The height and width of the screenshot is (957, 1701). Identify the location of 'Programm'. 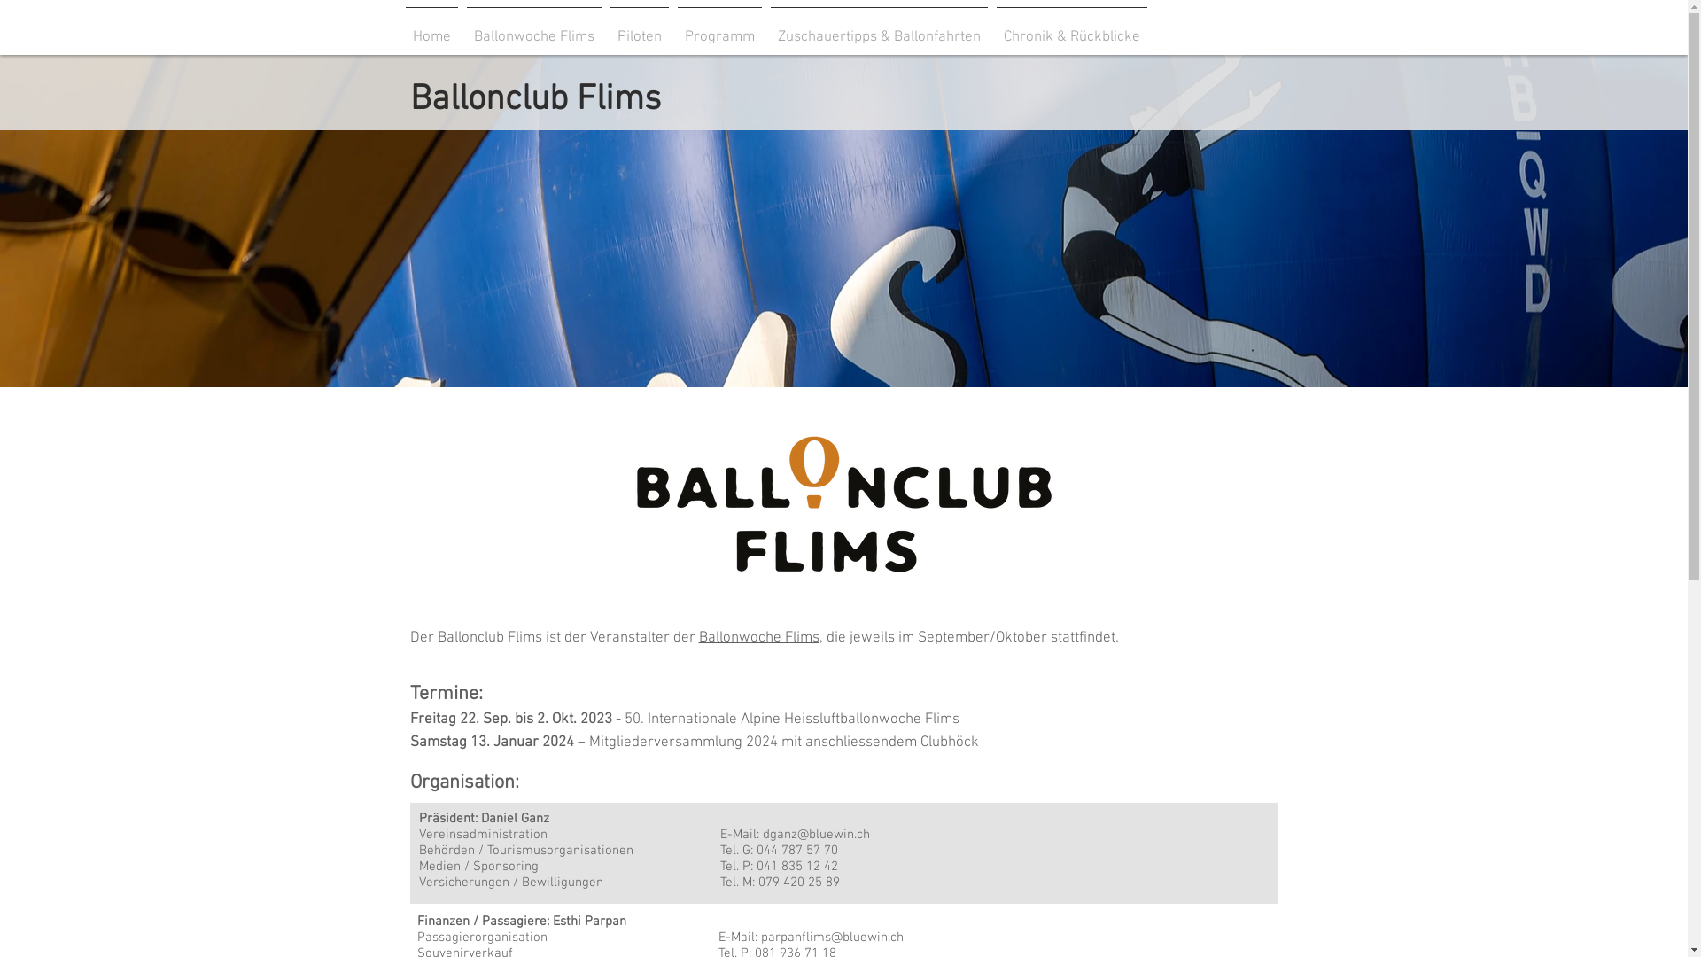
(719, 29).